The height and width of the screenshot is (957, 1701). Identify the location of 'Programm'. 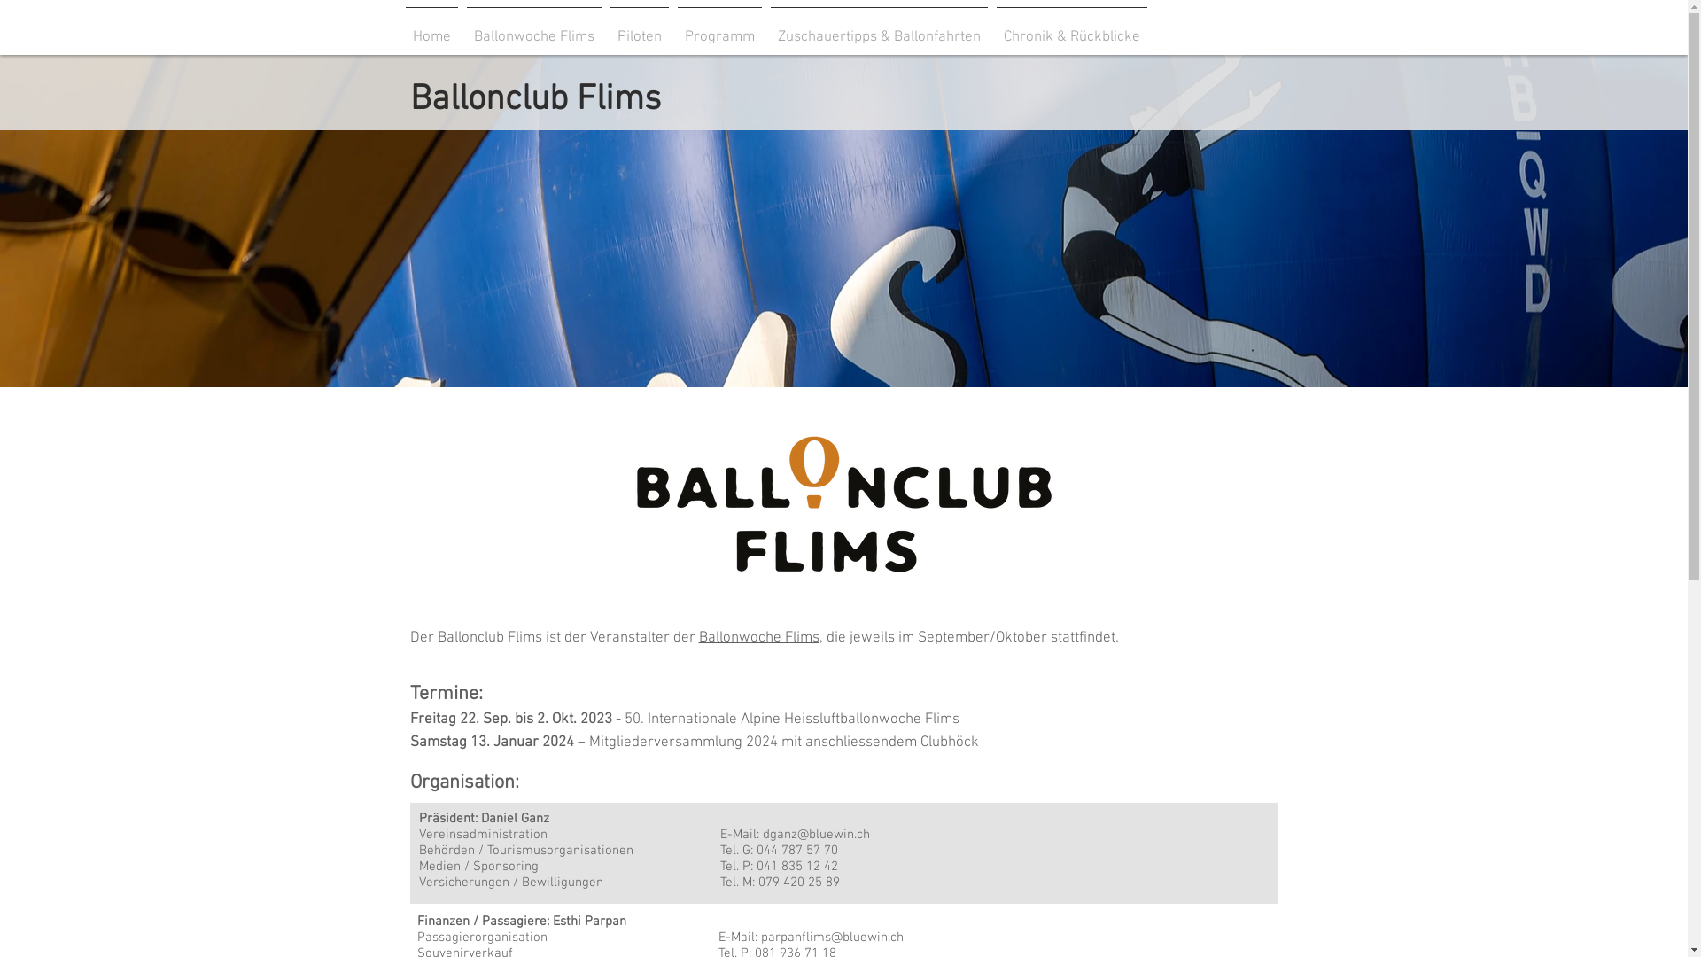
(719, 29).